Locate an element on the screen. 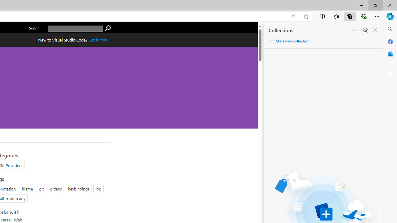 Image resolution: width=397 pixels, height=223 pixels. 'Start new collection' is located at coordinates (288, 41).